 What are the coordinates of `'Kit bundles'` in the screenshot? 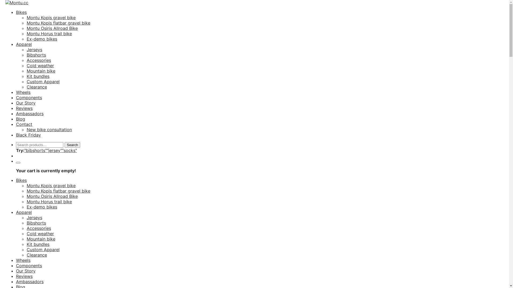 It's located at (38, 244).